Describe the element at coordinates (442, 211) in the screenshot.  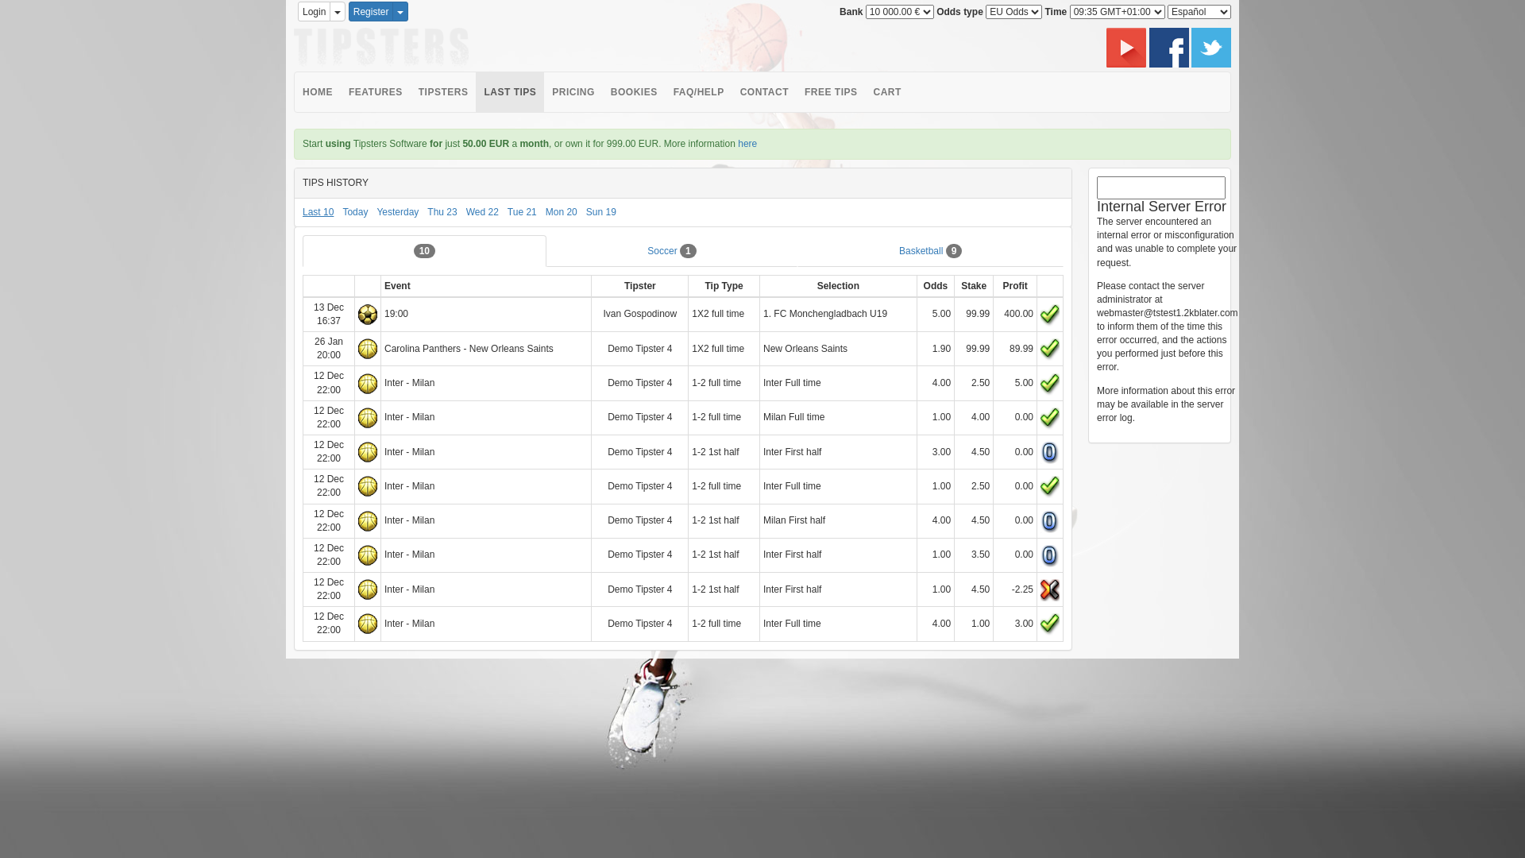
I see `'Thu 23'` at that location.